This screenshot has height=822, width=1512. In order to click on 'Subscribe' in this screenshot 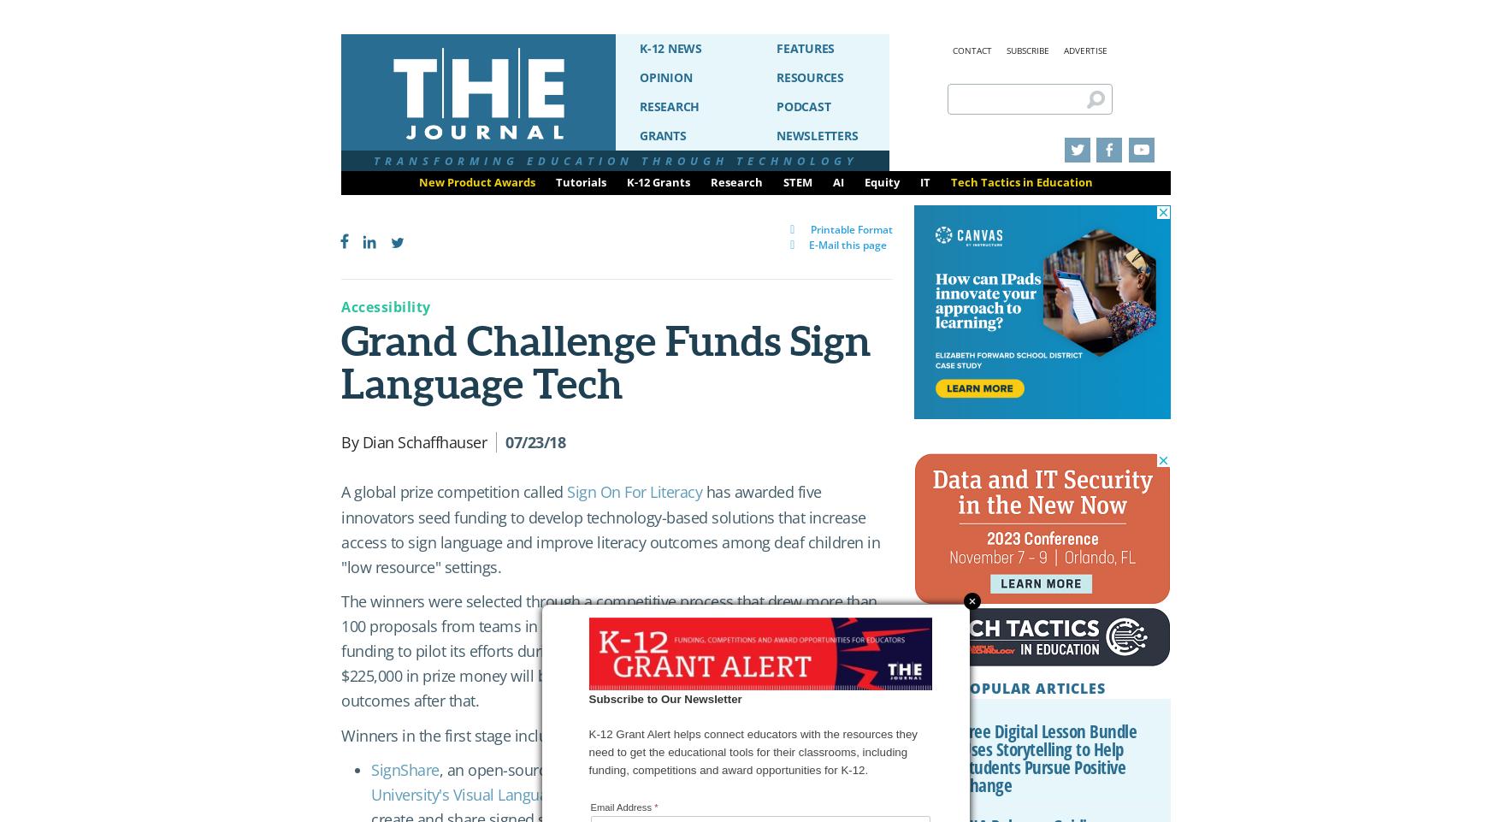, I will do `click(1028, 50)`.